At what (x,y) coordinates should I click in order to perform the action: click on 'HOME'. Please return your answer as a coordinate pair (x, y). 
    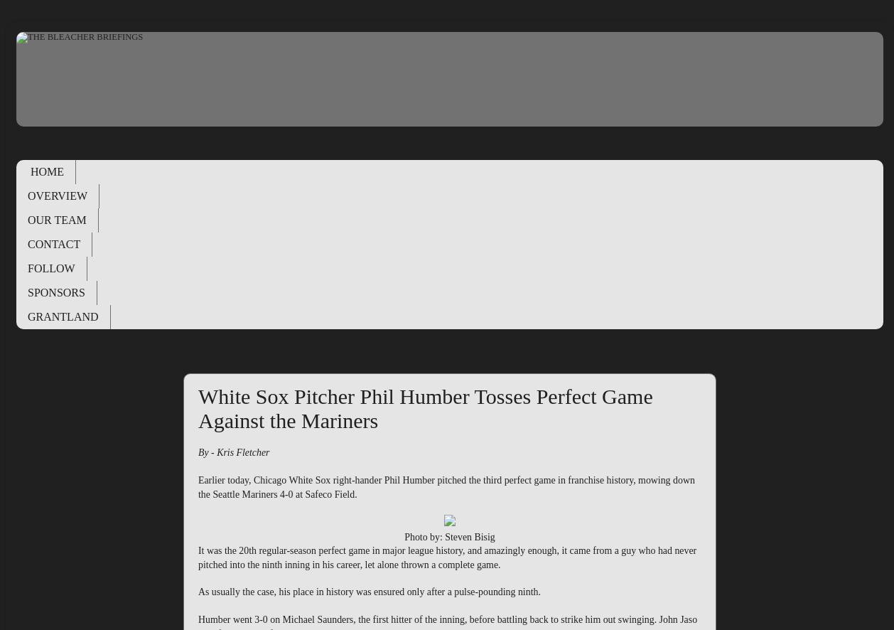
    Looking at the image, I should click on (47, 170).